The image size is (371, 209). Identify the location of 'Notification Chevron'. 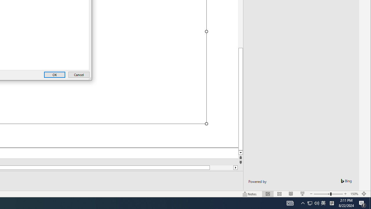
(303, 203).